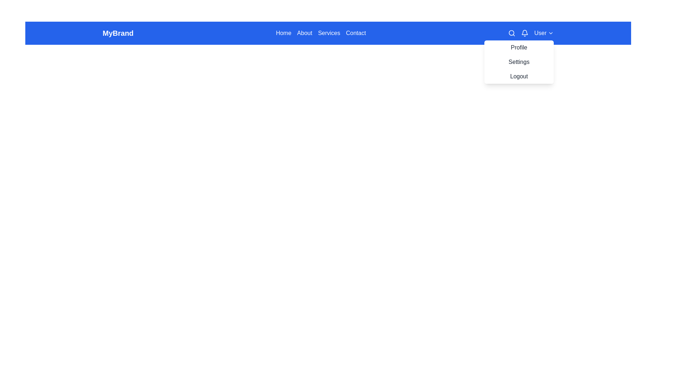 Image resolution: width=694 pixels, height=390 pixels. I want to click on the Dropdown chevron icon located to the right of the 'User' text in the top navigation bar, so click(550, 33).